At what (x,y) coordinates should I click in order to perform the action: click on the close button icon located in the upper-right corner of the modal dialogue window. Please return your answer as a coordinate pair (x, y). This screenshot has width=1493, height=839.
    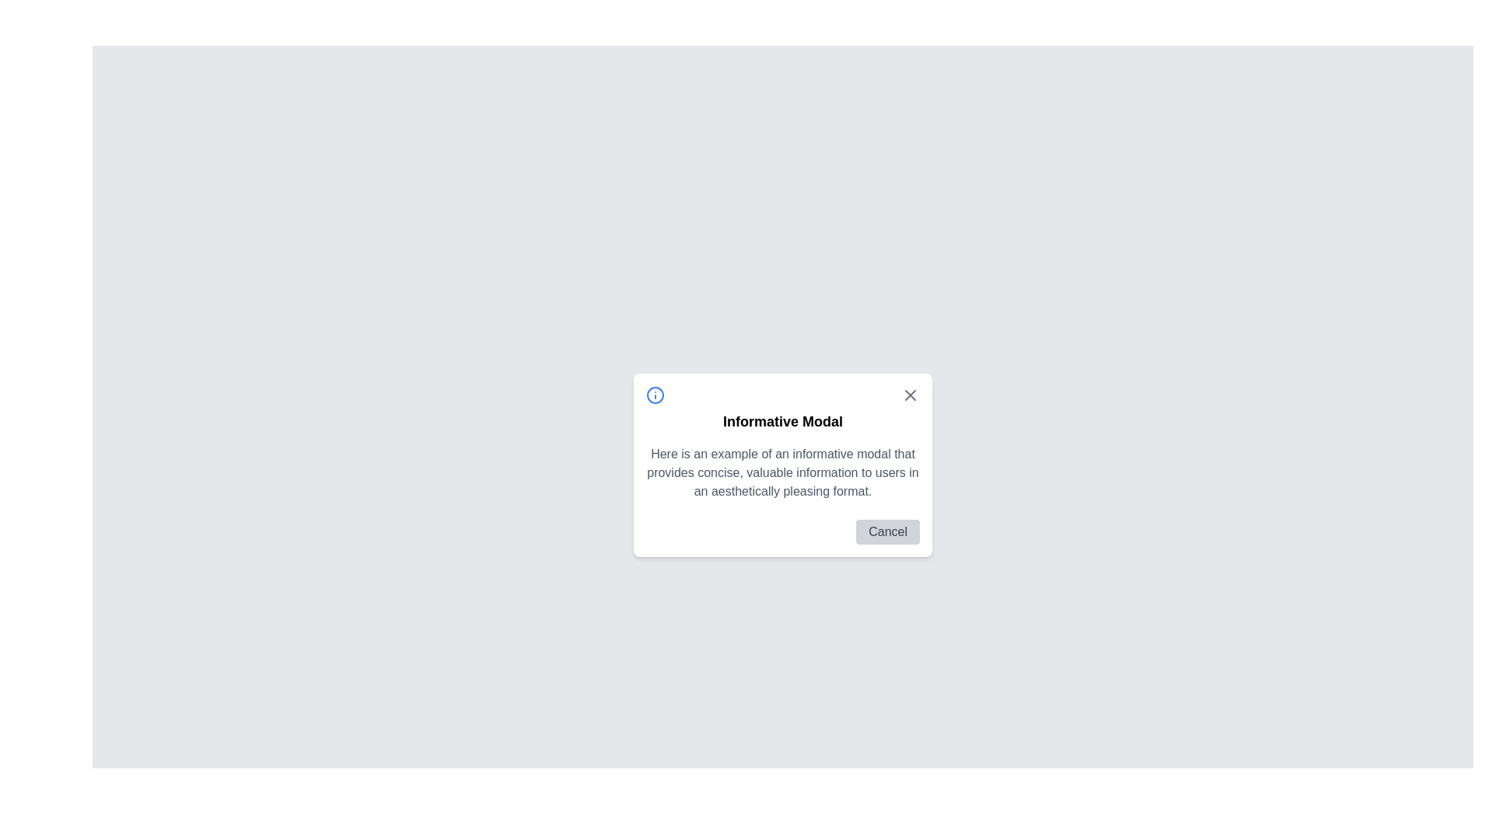
    Looking at the image, I should click on (911, 395).